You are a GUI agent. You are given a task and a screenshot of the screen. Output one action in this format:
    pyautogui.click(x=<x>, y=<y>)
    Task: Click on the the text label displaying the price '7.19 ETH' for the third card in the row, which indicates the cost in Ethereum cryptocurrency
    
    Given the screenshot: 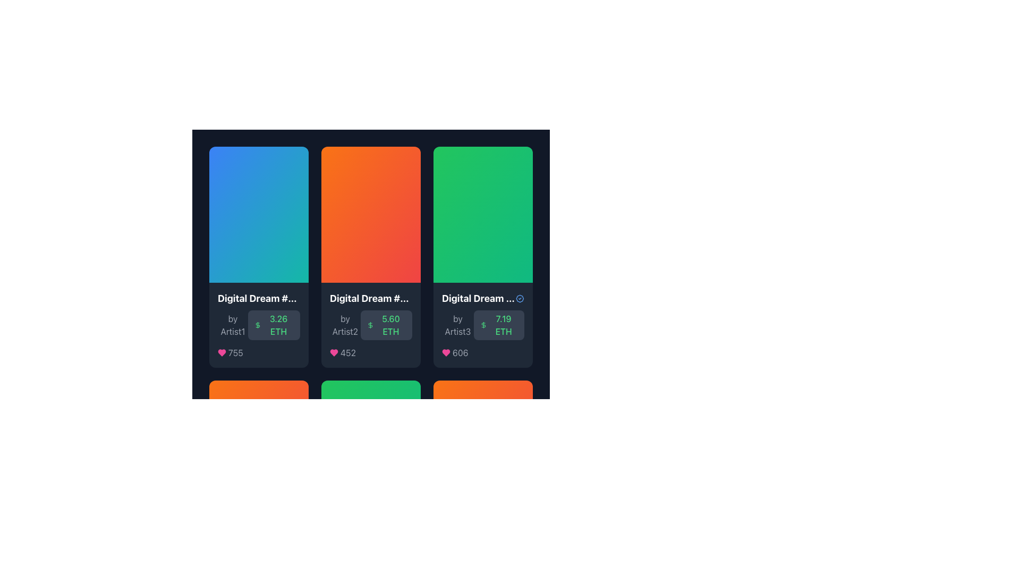 What is the action you would take?
    pyautogui.click(x=503, y=325)
    